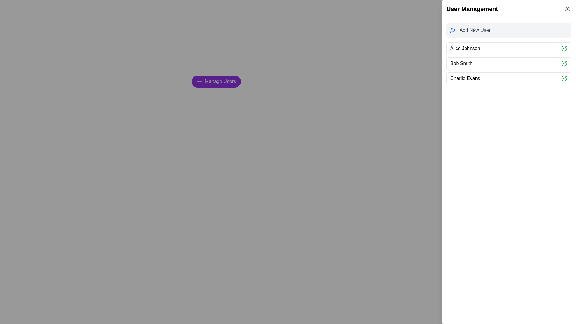  Describe the element at coordinates (564, 64) in the screenshot. I see `the circular icon with a check mark symbol located to the right of 'Charlie Evans' in the User Management panel` at that location.